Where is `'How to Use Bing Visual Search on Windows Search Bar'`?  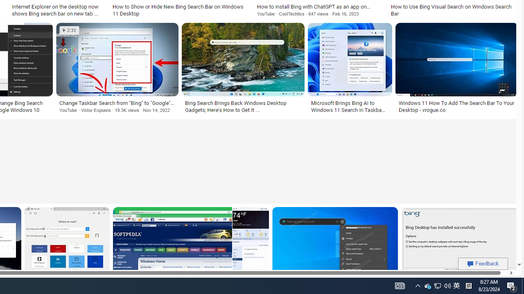 'How to Use Bing Visual Search on Windows Search Bar' is located at coordinates (452, 10).